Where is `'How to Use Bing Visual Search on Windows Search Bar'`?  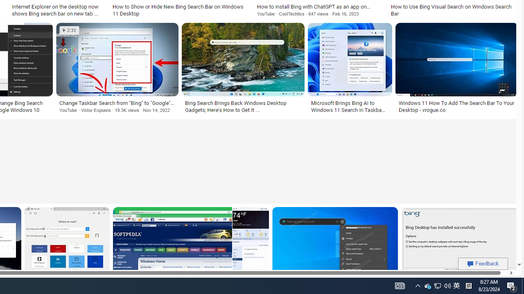 'How to Use Bing Visual Search on Windows Search Bar' is located at coordinates (452, 10).